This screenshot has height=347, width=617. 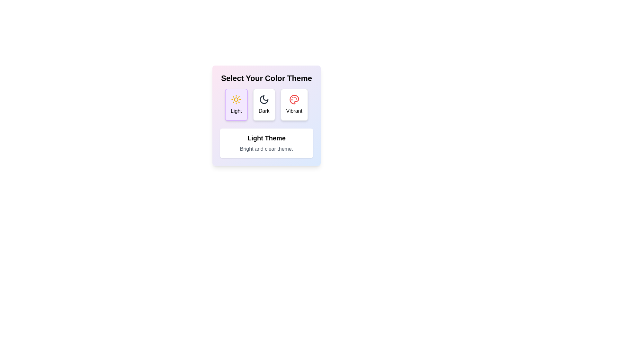 What do you see at coordinates (264, 111) in the screenshot?
I see `the text label that displays the word 'Dark', which is located beneath a crescent moon icon in the theme selection card` at bounding box center [264, 111].